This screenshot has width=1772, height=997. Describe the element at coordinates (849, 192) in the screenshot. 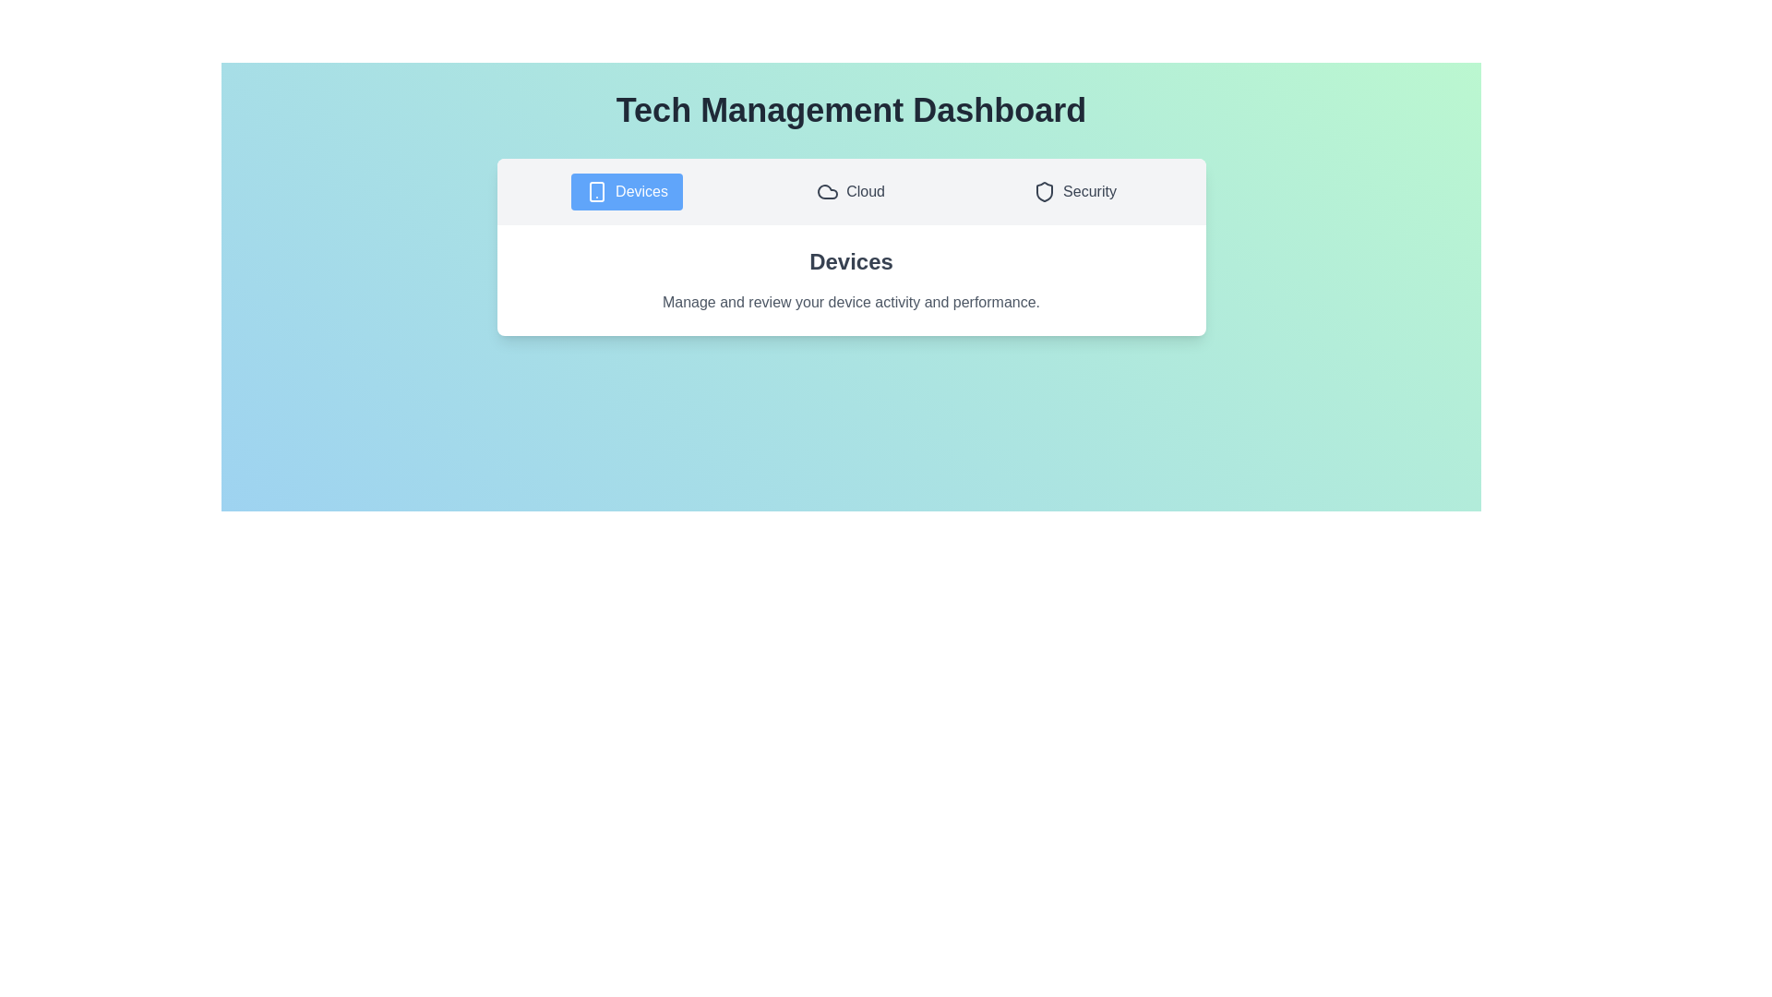

I see `the Cloud tab by clicking on it` at that location.